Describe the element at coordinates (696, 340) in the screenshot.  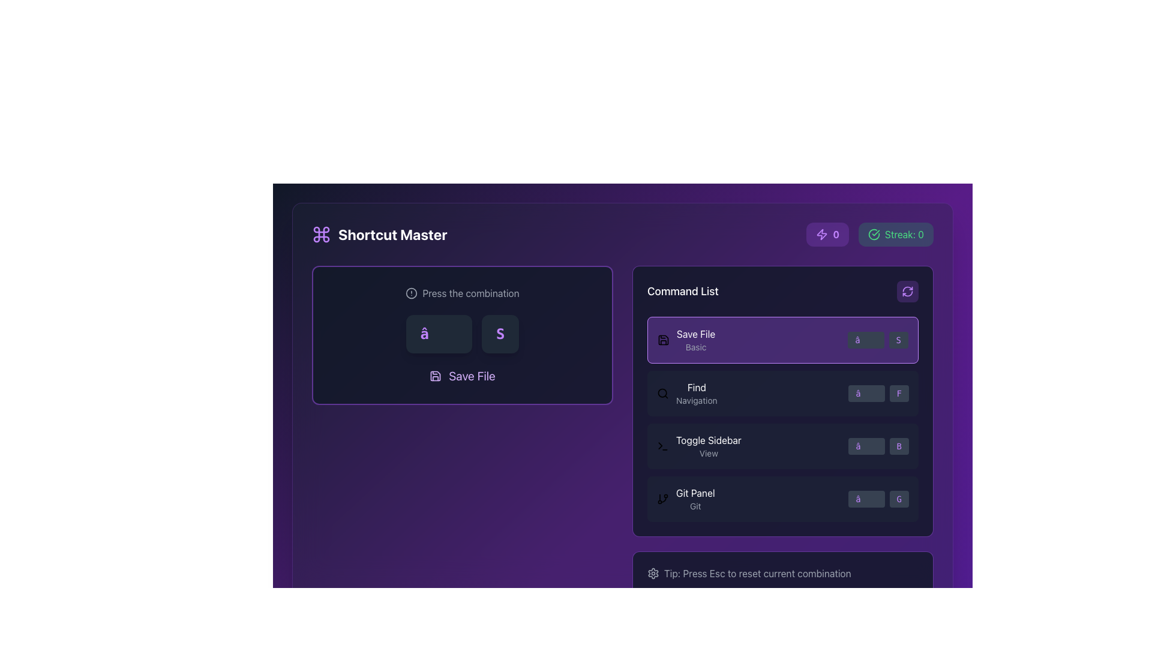
I see `the 'Save File' text label in the 'Command List' panel` at that location.